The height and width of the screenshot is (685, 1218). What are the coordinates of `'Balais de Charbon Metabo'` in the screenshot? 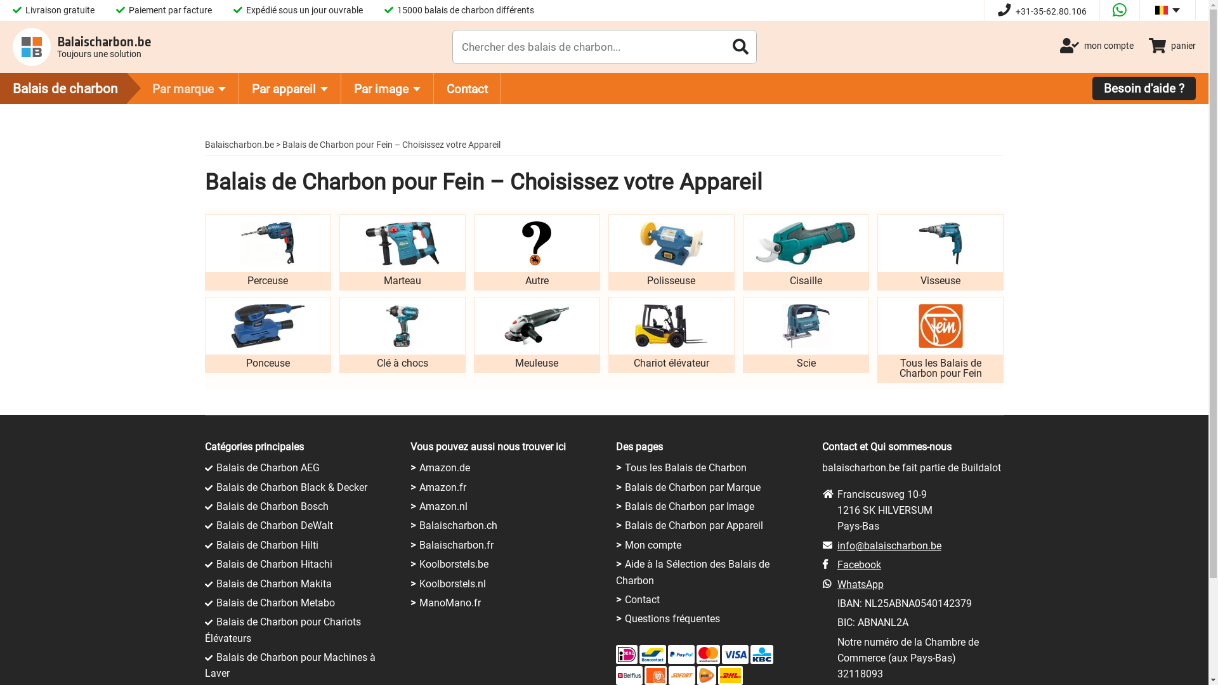 It's located at (274, 602).